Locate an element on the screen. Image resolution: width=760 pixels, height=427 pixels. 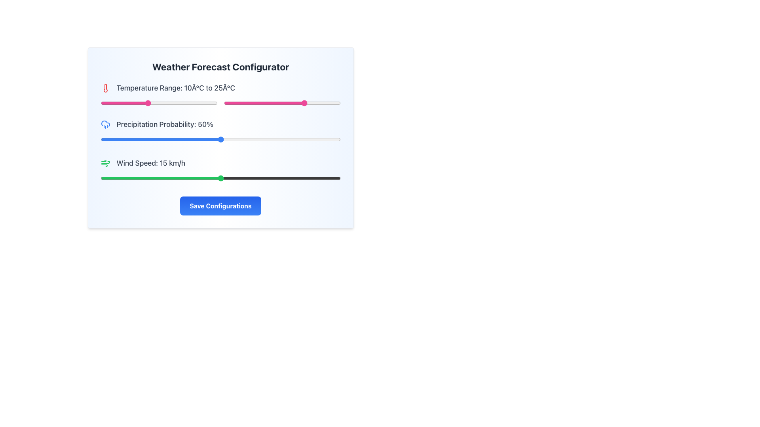
the first input range slider, which is styled with a pink highlight on the left side and is located near the label 'Temperature Range: 10°C to 25°C', to reposition the slider thumb is located at coordinates (159, 103).